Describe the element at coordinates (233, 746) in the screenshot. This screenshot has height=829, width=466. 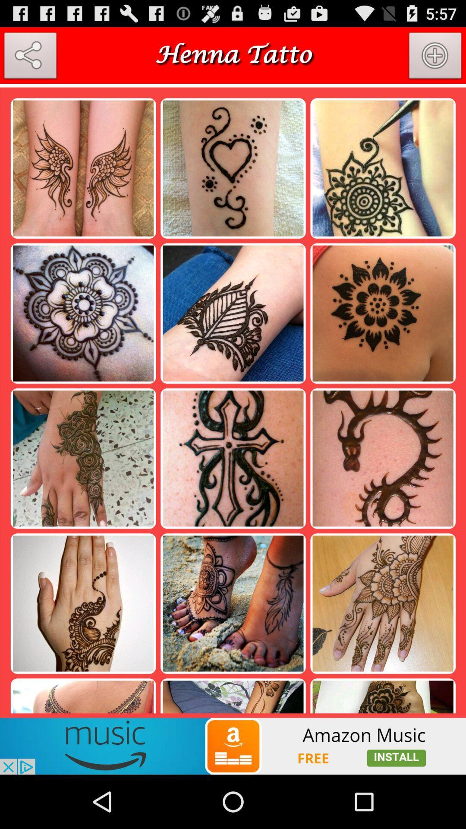
I see `advertisement` at that location.